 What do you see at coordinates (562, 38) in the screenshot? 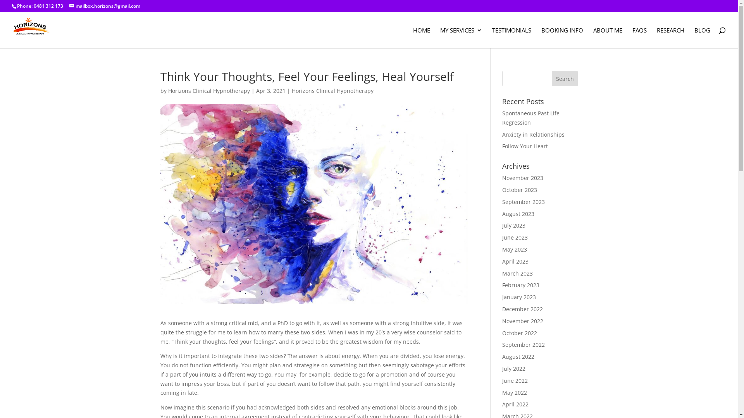
I see `'BOOKING INFO'` at bounding box center [562, 38].